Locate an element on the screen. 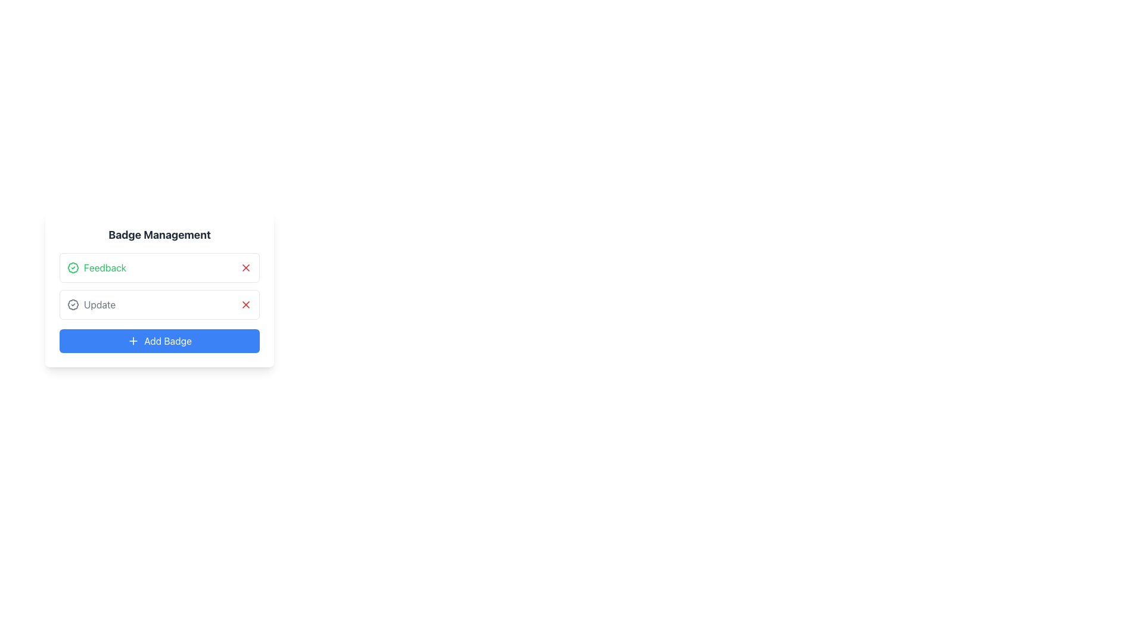 The width and height of the screenshot is (1144, 643). the 'Feedback' badge icon, which is the leftmost element in the Badge Management section, visually represented by a scalloped circle pattern is located at coordinates (73, 268).